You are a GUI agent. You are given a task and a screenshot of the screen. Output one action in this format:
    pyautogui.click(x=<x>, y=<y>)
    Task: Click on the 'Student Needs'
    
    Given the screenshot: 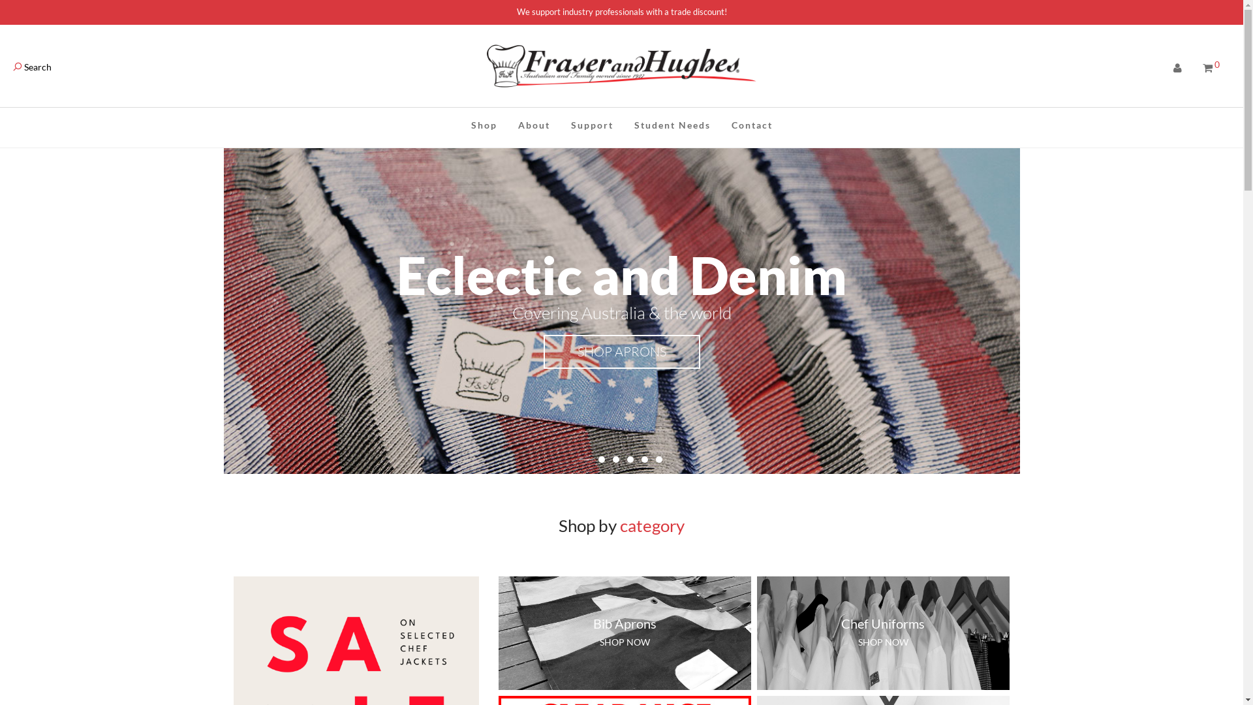 What is the action you would take?
    pyautogui.click(x=672, y=125)
    